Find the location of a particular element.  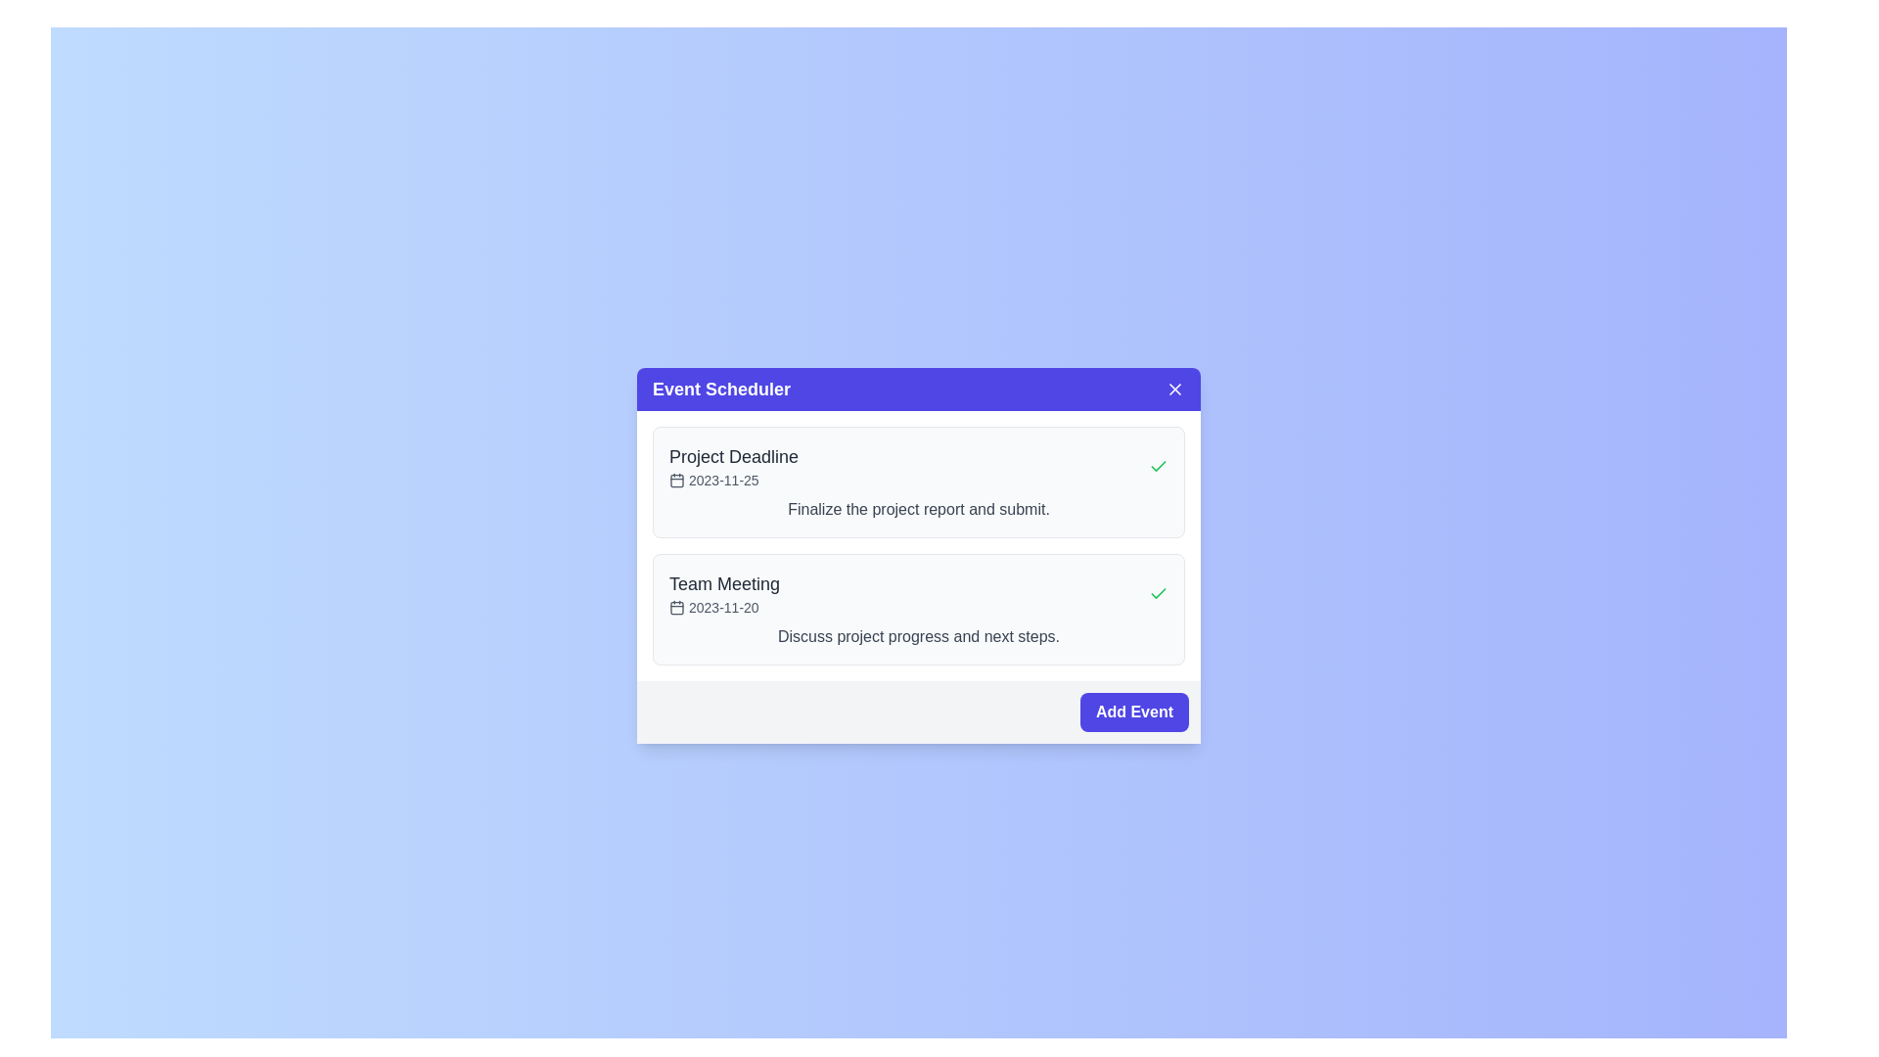

the 'Check' icon for the event titled 'Project Deadline' is located at coordinates (1159, 467).